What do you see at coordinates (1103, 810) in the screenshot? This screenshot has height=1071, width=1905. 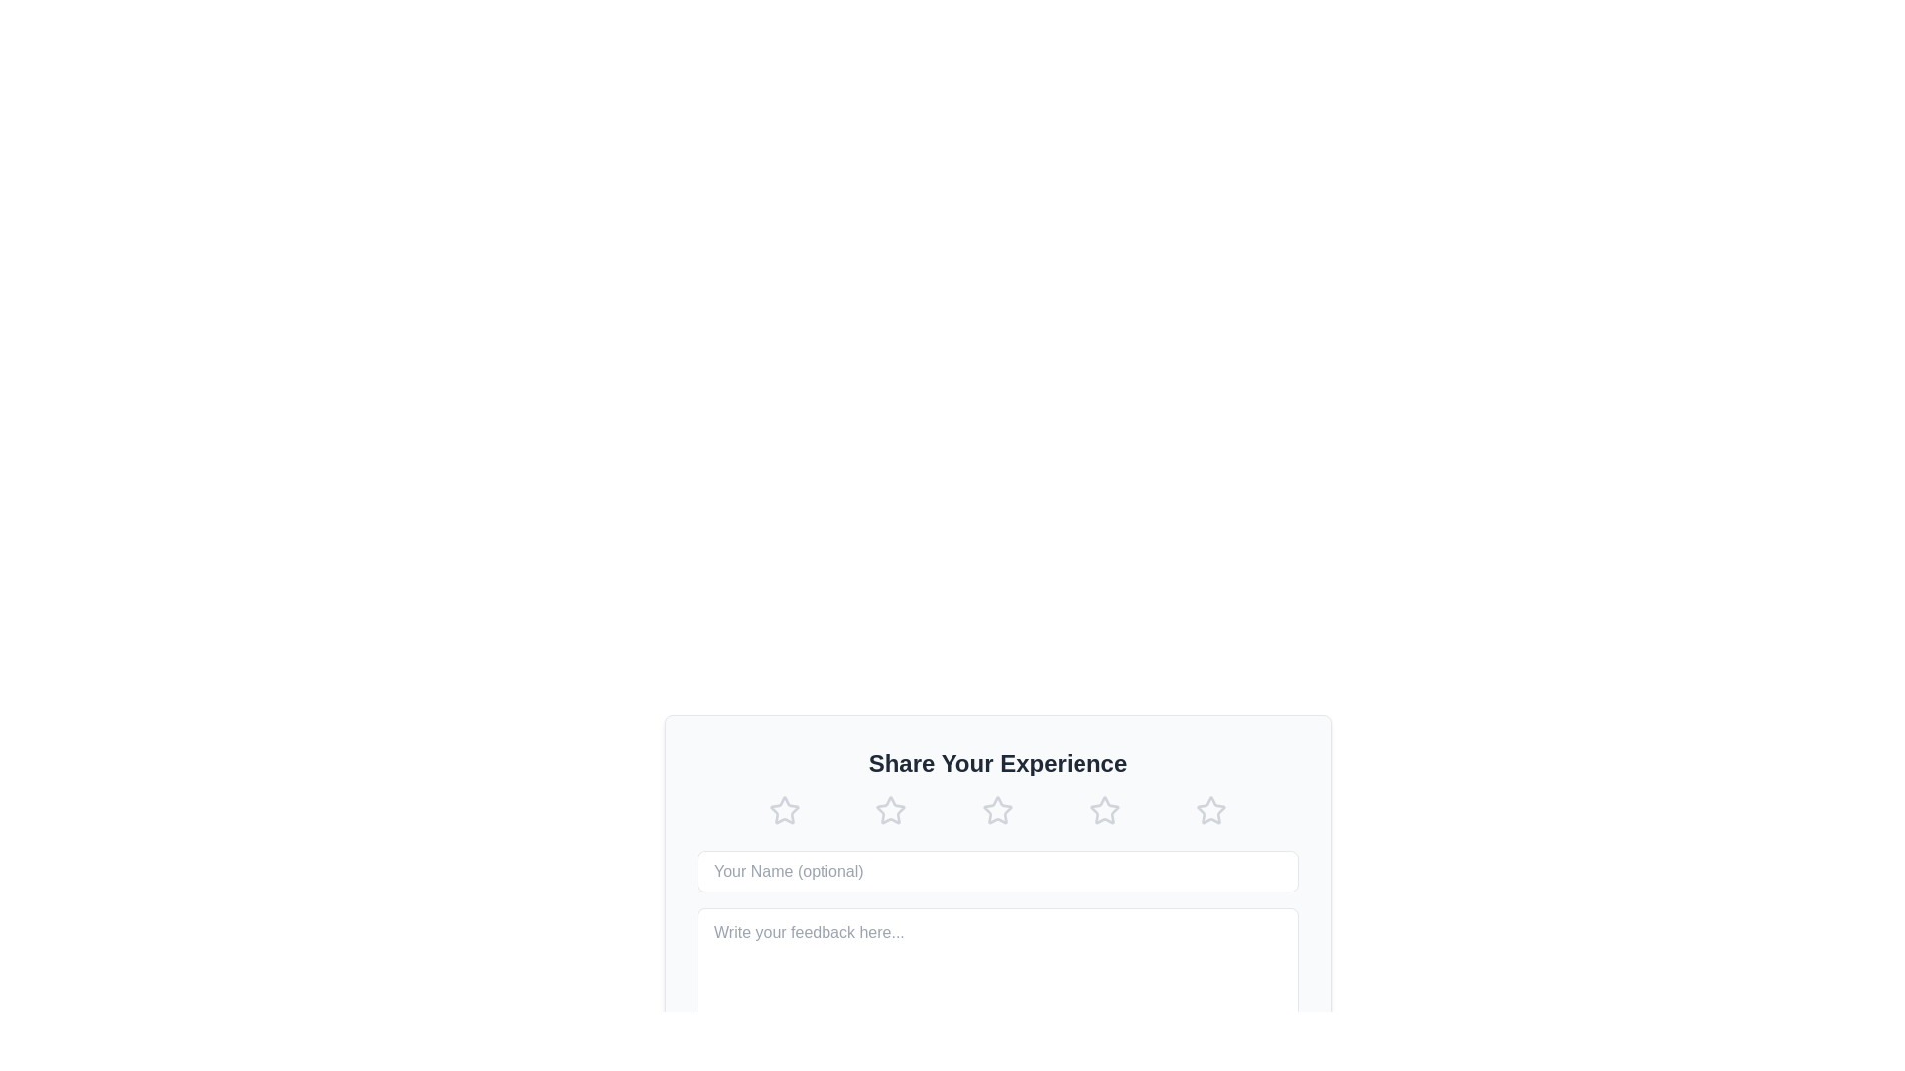 I see `the fifth star icon` at bounding box center [1103, 810].